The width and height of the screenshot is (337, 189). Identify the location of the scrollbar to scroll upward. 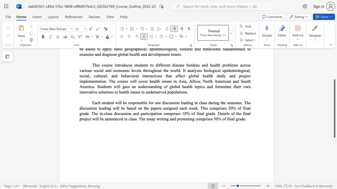
(334, 76).